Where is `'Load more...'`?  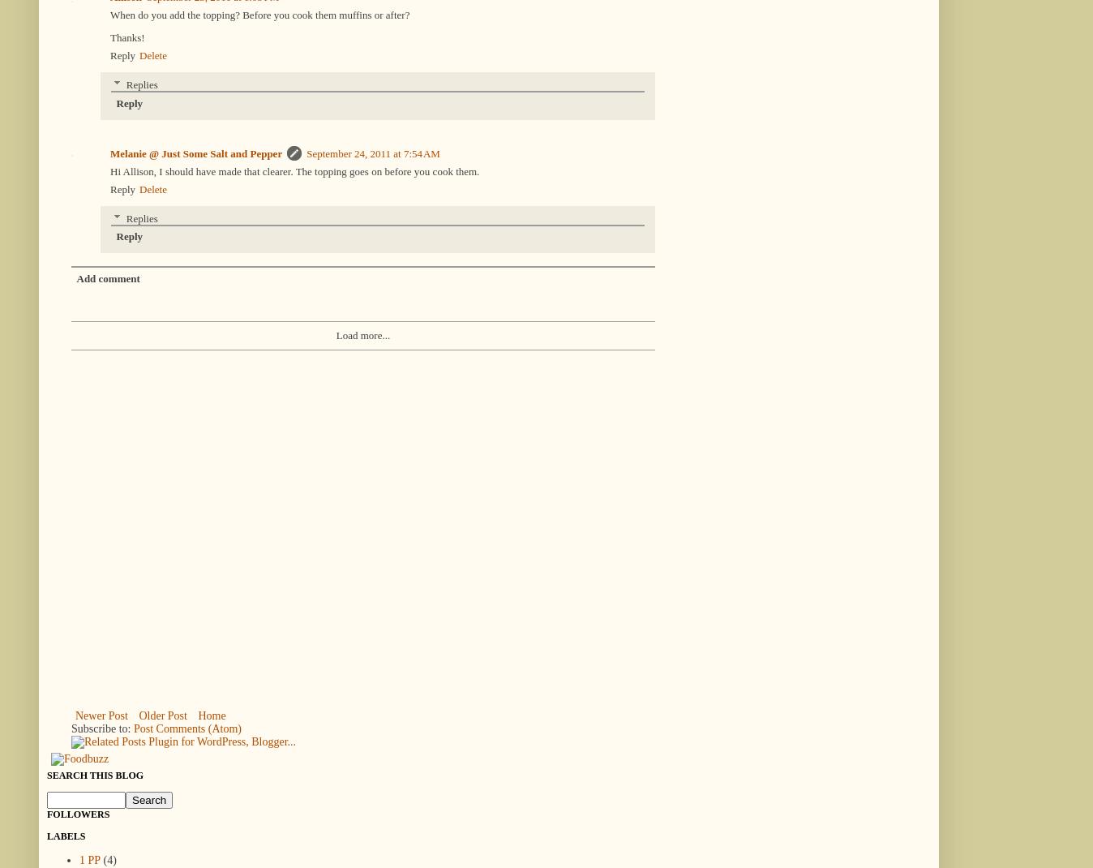
'Load more...' is located at coordinates (362, 334).